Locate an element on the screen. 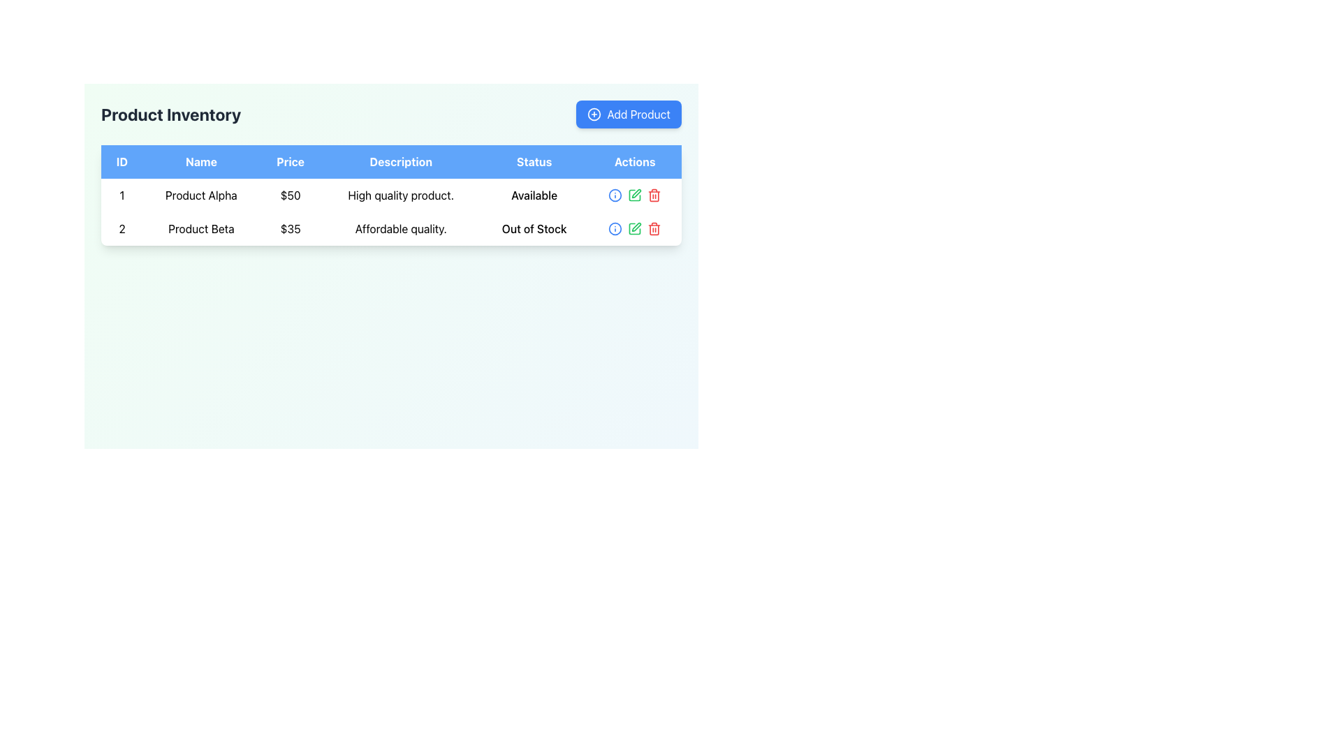 This screenshot has width=1341, height=754. price text displayed for 'Product Beta' in the 'Price' column, located in the second row and third column of the table is located at coordinates (290, 228).